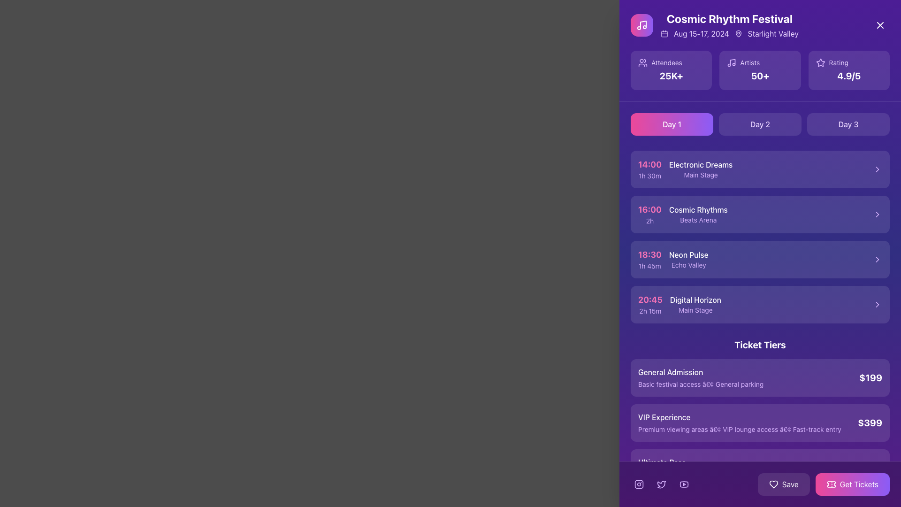 The width and height of the screenshot is (901, 507). What do you see at coordinates (701, 169) in the screenshot?
I see `the Event label that displays 'Electronic Dreams' in bold white font and 'Main Stage' in smaller purple font, located below the 'Day 1' header in the schedule section` at bounding box center [701, 169].